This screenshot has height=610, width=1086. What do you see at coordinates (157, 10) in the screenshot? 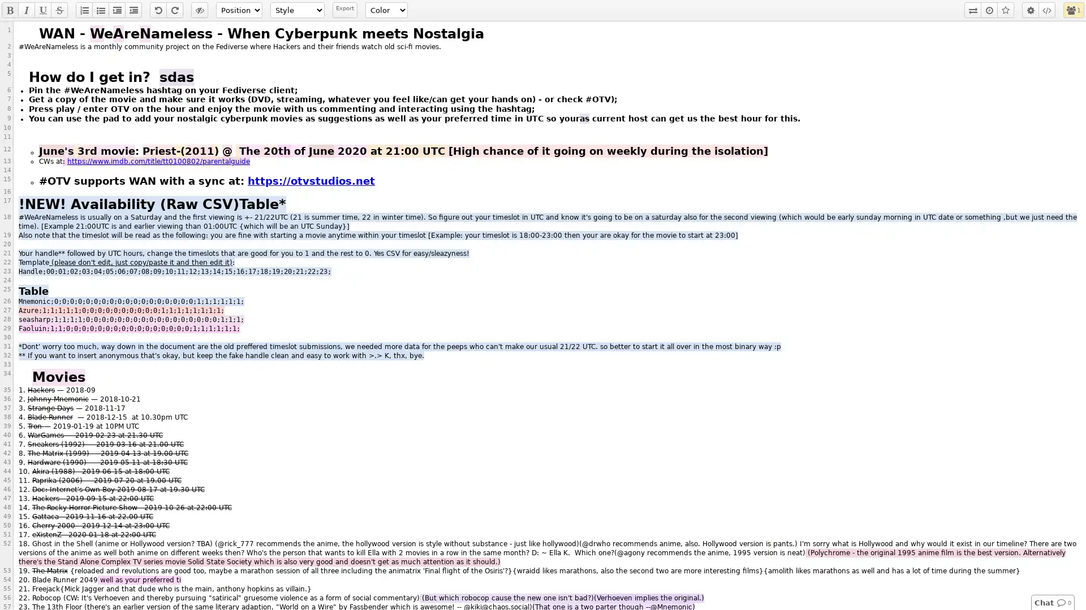
I see `Undo (Ctrl+Z)` at bounding box center [157, 10].